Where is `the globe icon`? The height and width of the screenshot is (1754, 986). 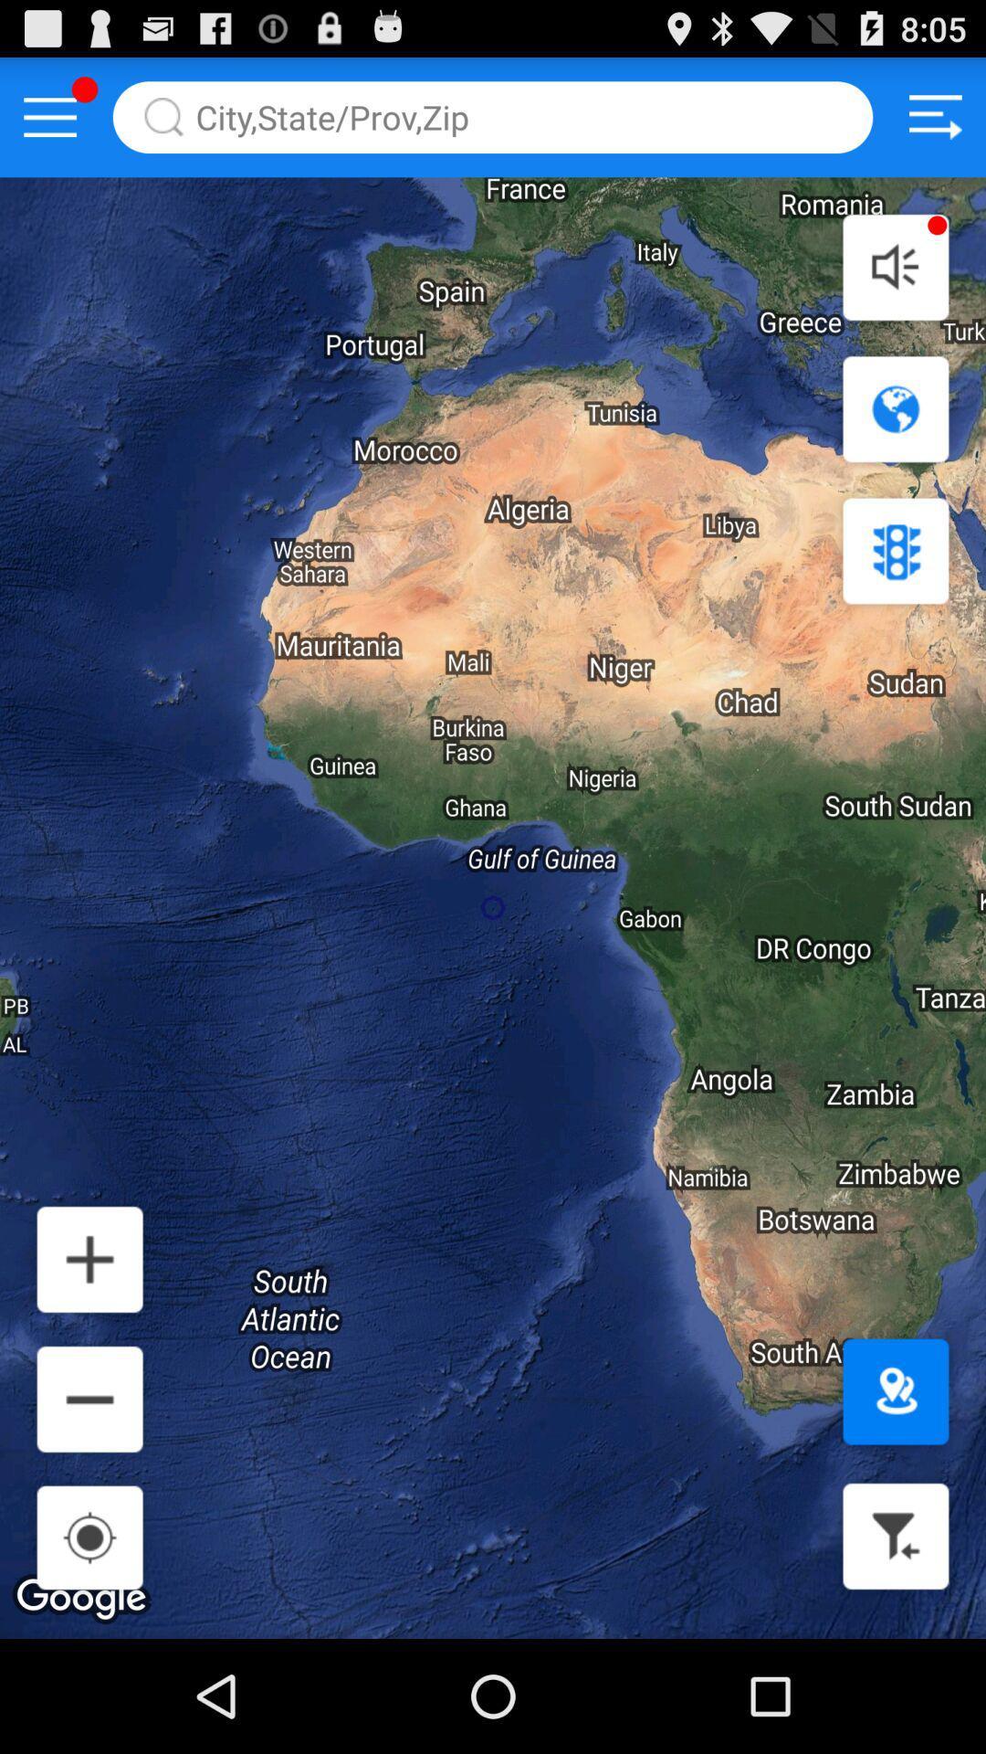
the globe icon is located at coordinates (895, 437).